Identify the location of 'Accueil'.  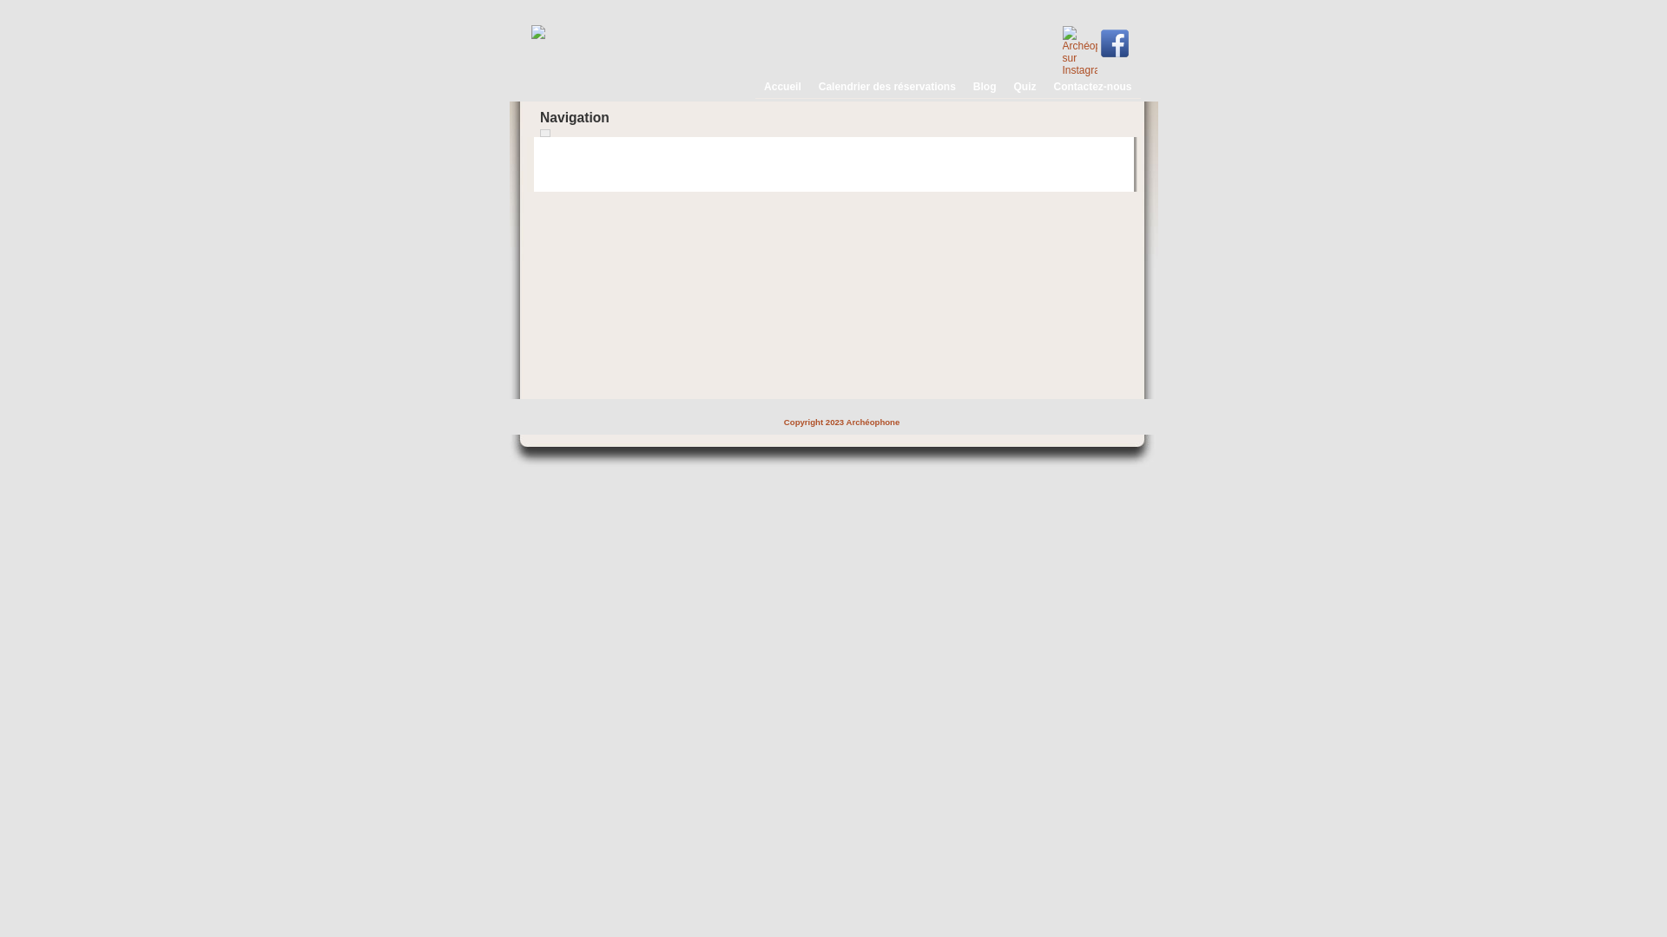
(779, 83).